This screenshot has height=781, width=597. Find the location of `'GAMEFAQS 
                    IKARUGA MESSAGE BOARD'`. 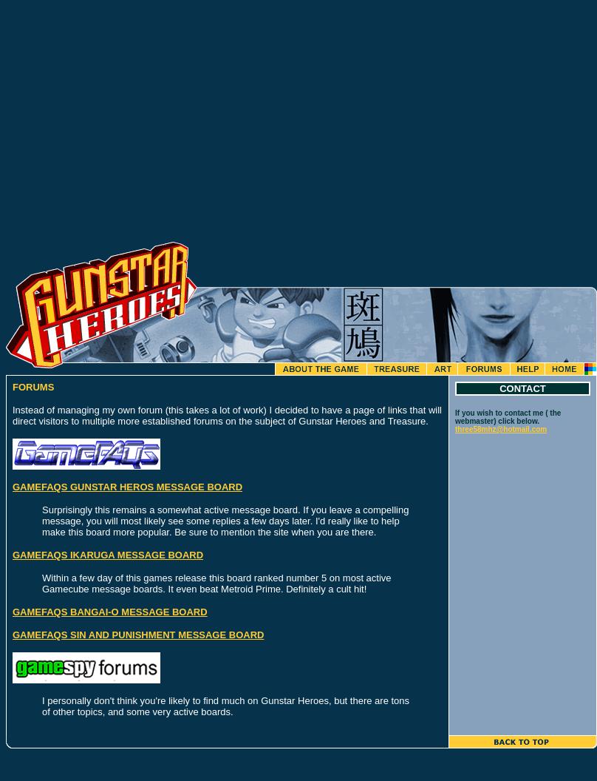

'GAMEFAQS 
                    IKARUGA MESSAGE BOARD' is located at coordinates (107, 554).